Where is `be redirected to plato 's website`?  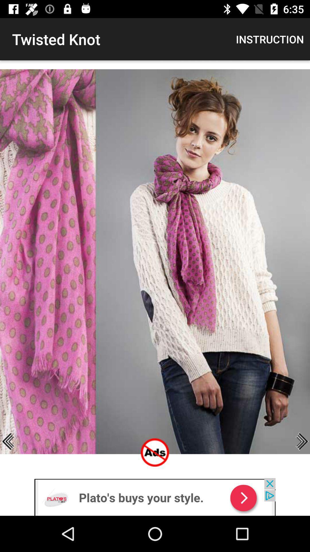
be redirected to plato 's website is located at coordinates (155, 497).